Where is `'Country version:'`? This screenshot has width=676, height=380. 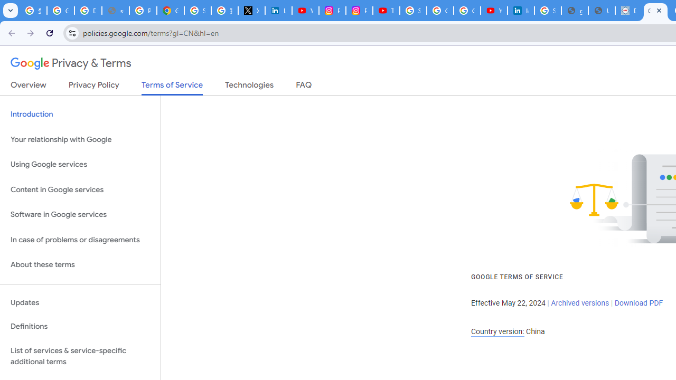
'Country version:' is located at coordinates (497, 331).